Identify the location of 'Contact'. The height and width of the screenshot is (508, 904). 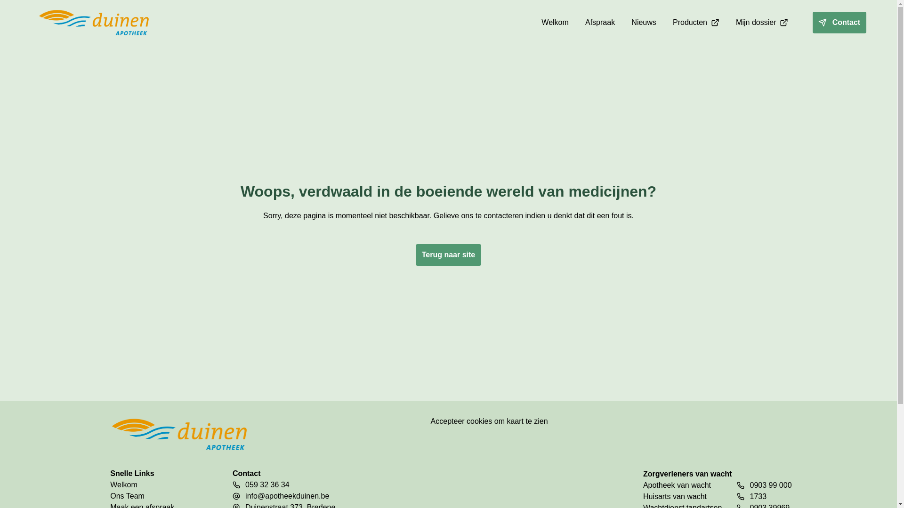
(831, 22).